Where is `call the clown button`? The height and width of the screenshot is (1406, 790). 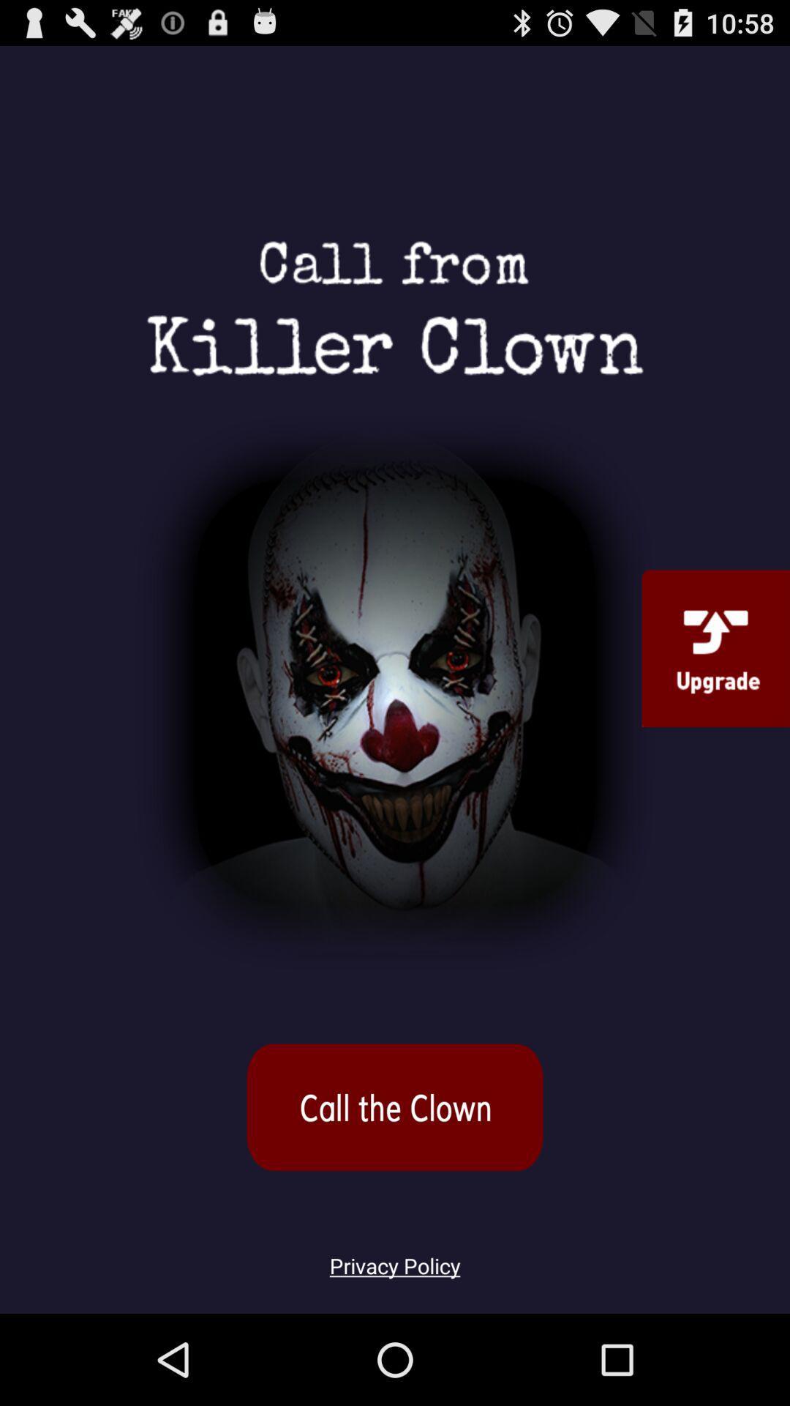 call the clown button is located at coordinates (395, 1107).